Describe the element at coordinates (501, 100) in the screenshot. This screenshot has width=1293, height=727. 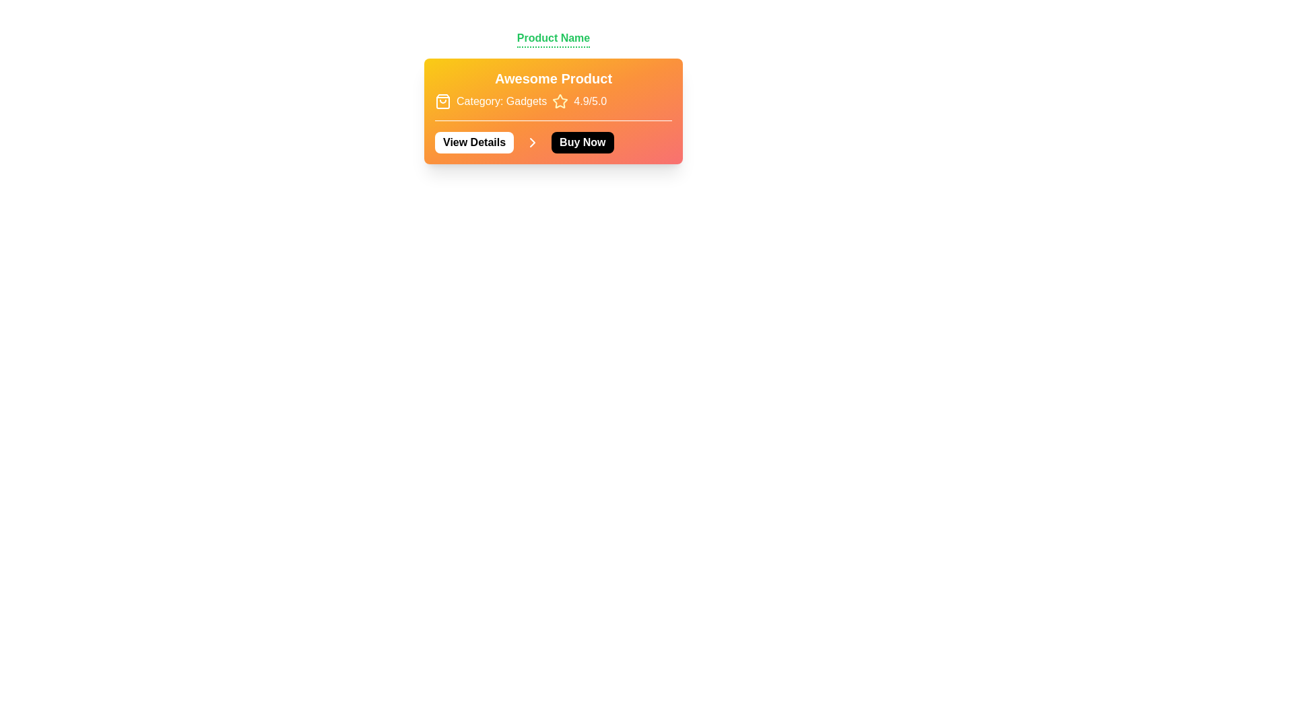
I see `the static text label displaying 'Category: Gadgets', which is prominently styled with white text on an orange background, located under the title 'Awesome Product'` at that location.